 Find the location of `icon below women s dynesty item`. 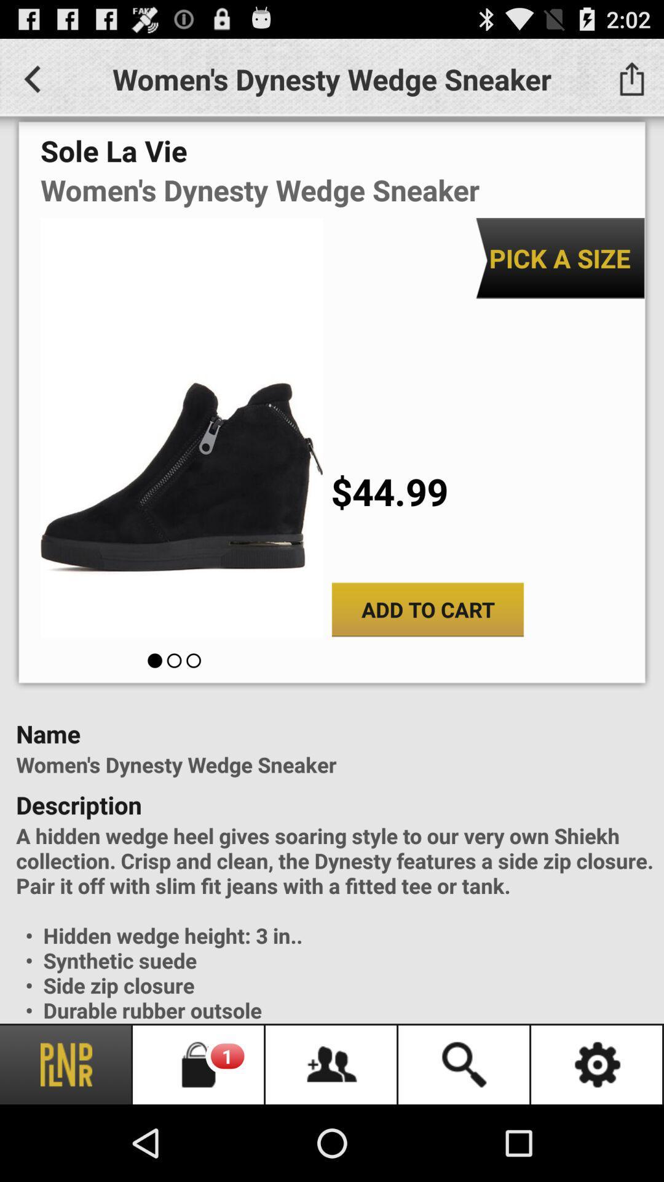

icon below women s dynesty item is located at coordinates (559, 257).